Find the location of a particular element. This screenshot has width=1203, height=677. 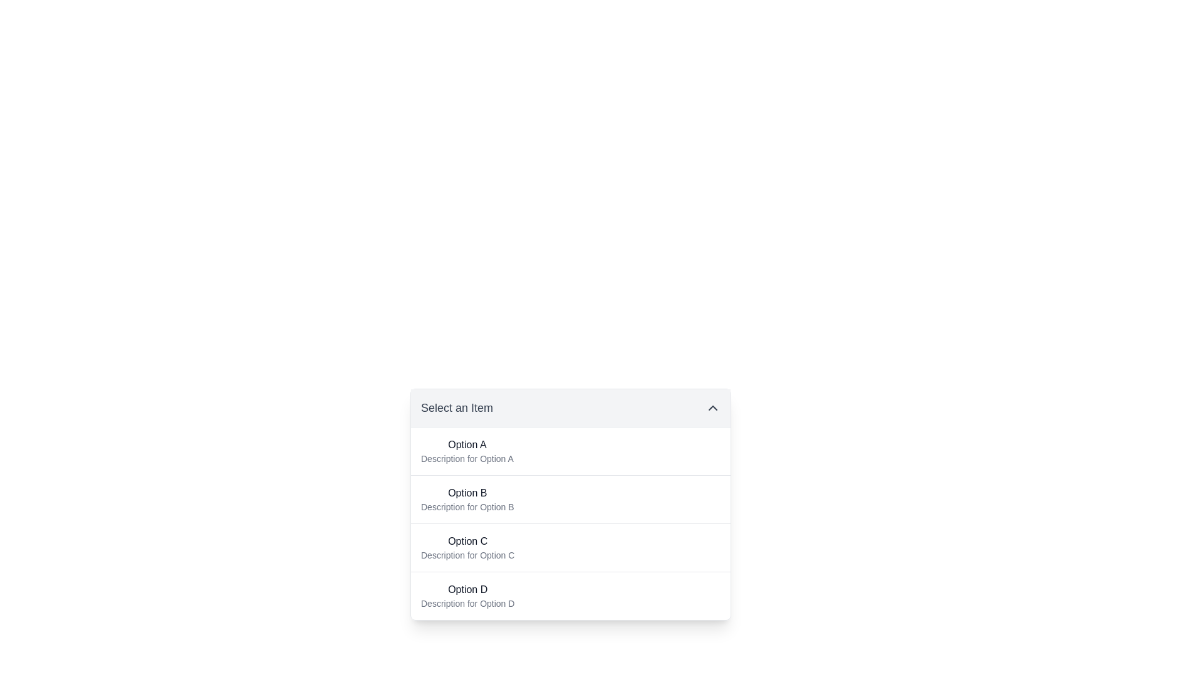

the first option labeled 'Option A' in the dropdown menu below the 'Select an Item' field is located at coordinates (466, 451).